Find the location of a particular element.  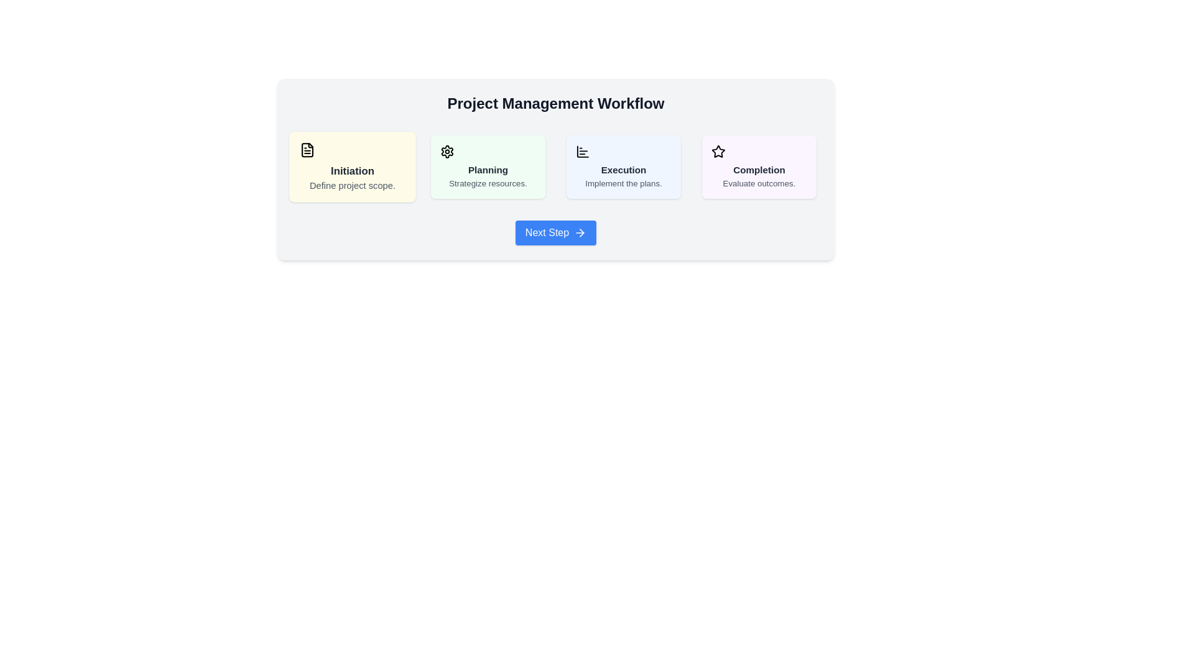

the 'Next Step' button, which is a horizontally rectangular button with a bright blue background and white text, located below the 'Execution' and 'Completion' cards in the 'Project Management Workflow' interface is located at coordinates (555, 232).